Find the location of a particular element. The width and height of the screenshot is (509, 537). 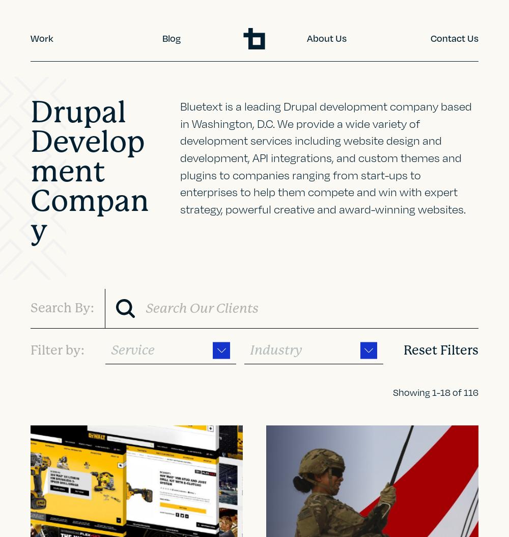

'Drupal Development Company' is located at coordinates (90, 171).